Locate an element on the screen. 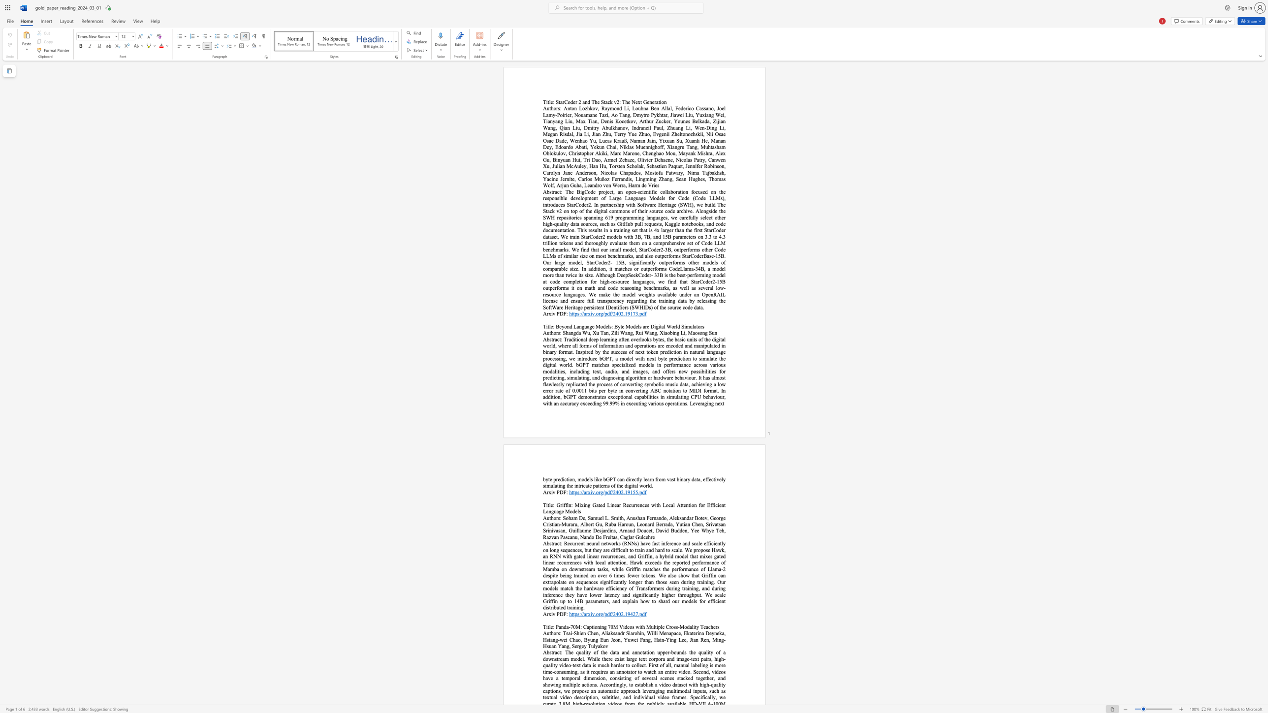  the subset text "g," within the text "Zili Wang," is located at coordinates (630, 333).